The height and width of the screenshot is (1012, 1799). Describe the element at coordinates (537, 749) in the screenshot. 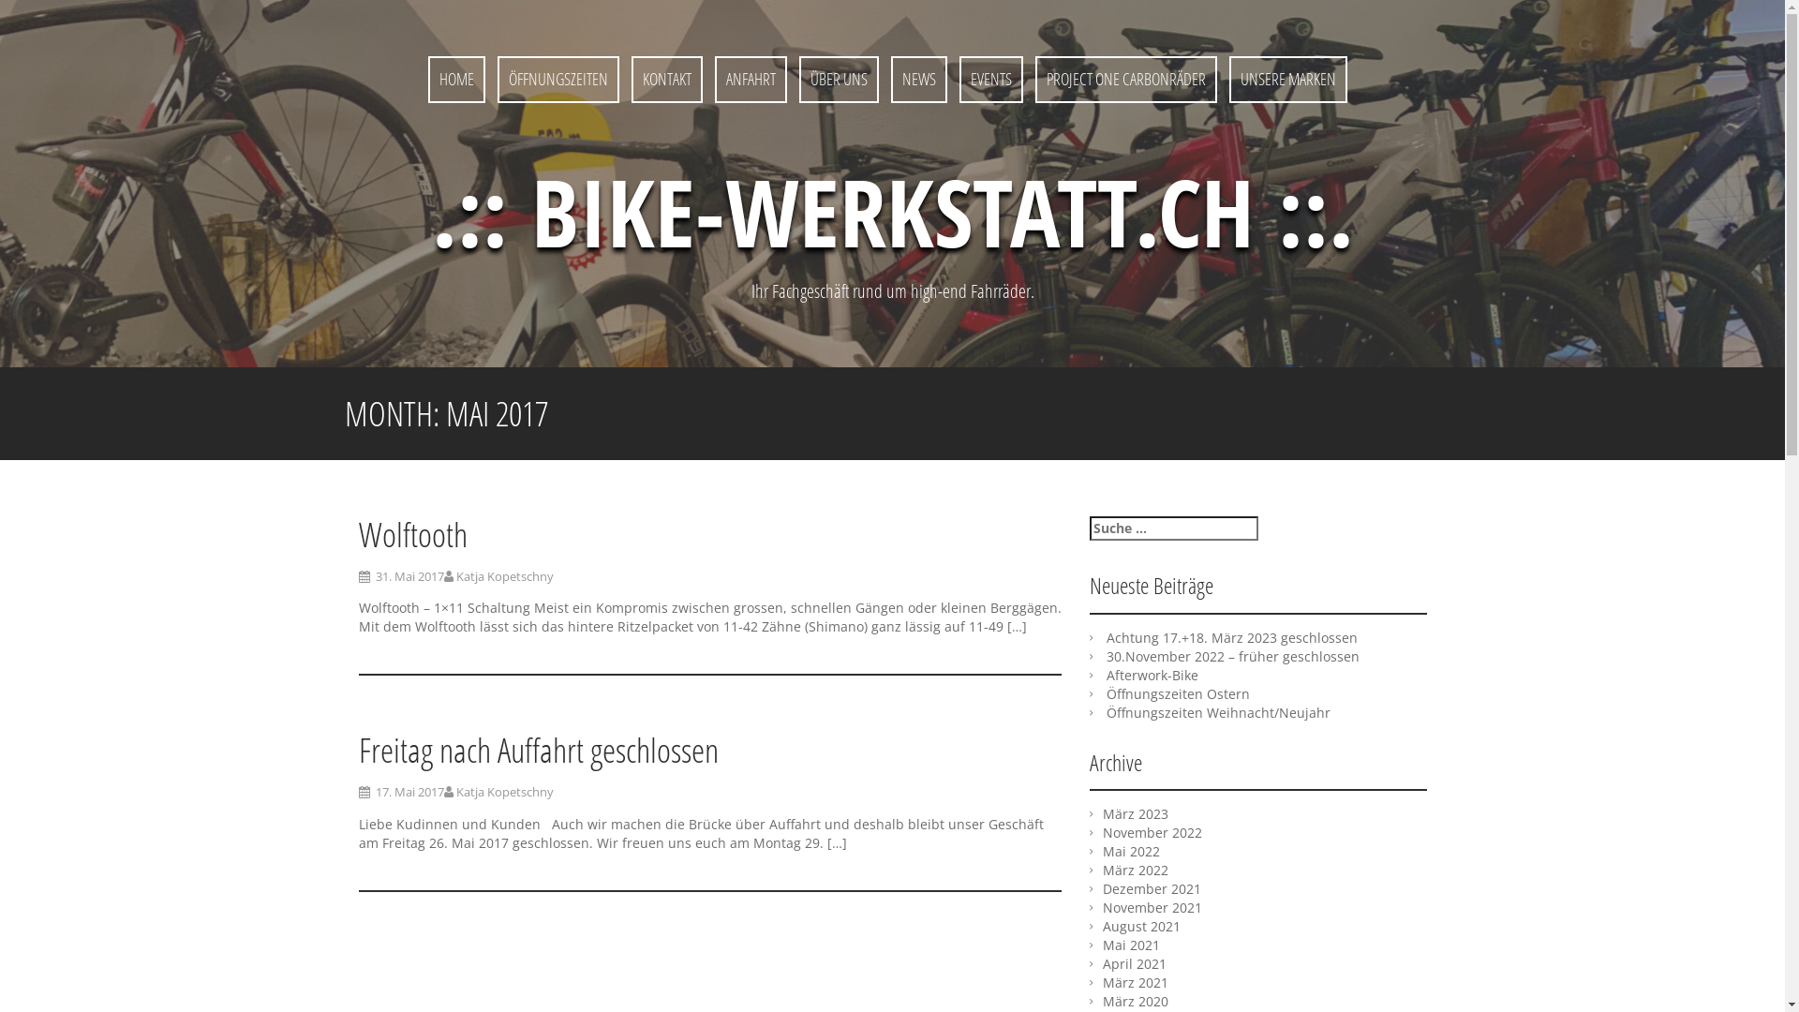

I see `'Freitag nach Auffahrt geschlossen'` at that location.